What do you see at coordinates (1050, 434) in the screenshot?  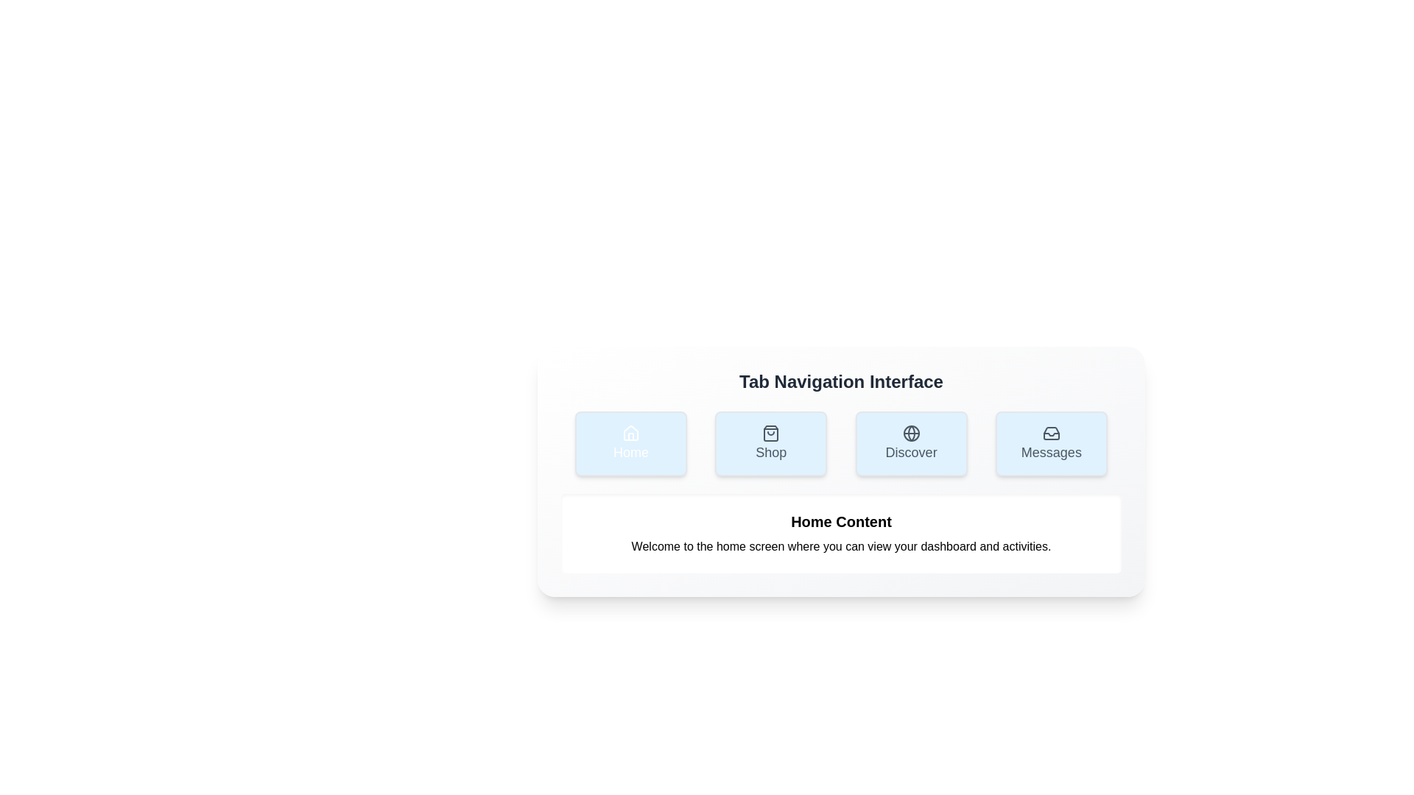 I see `the small polygonal graphical decoration within the 'Messages' tab icon located at the rightmost position of the tab-based navigation interface` at bounding box center [1050, 434].